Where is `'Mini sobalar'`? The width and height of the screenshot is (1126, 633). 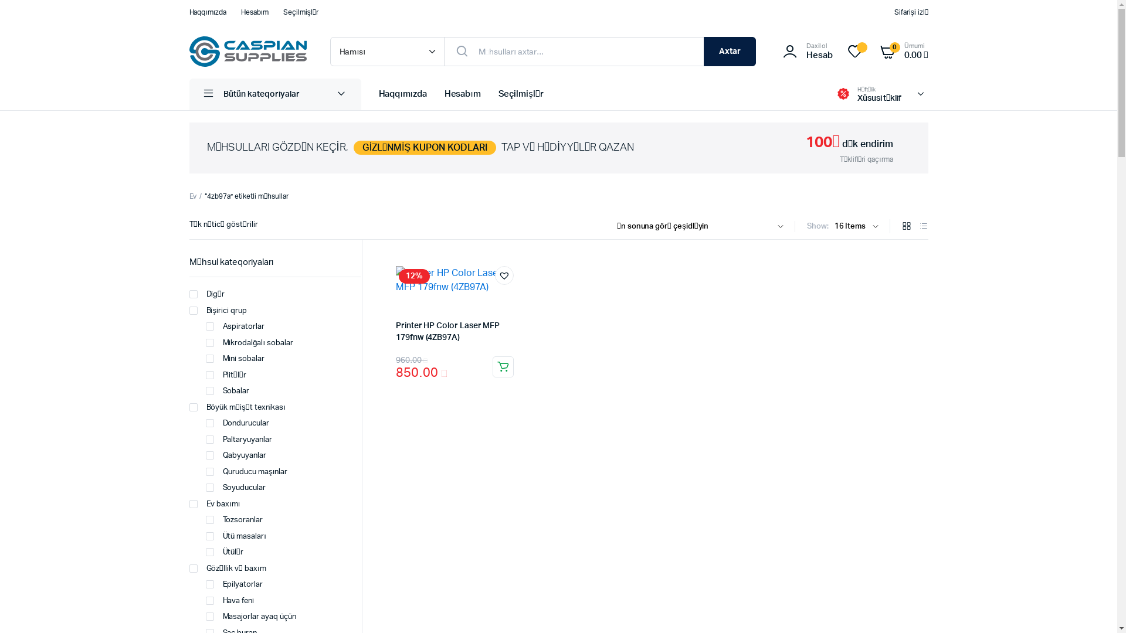 'Mini sobalar' is located at coordinates (235, 359).